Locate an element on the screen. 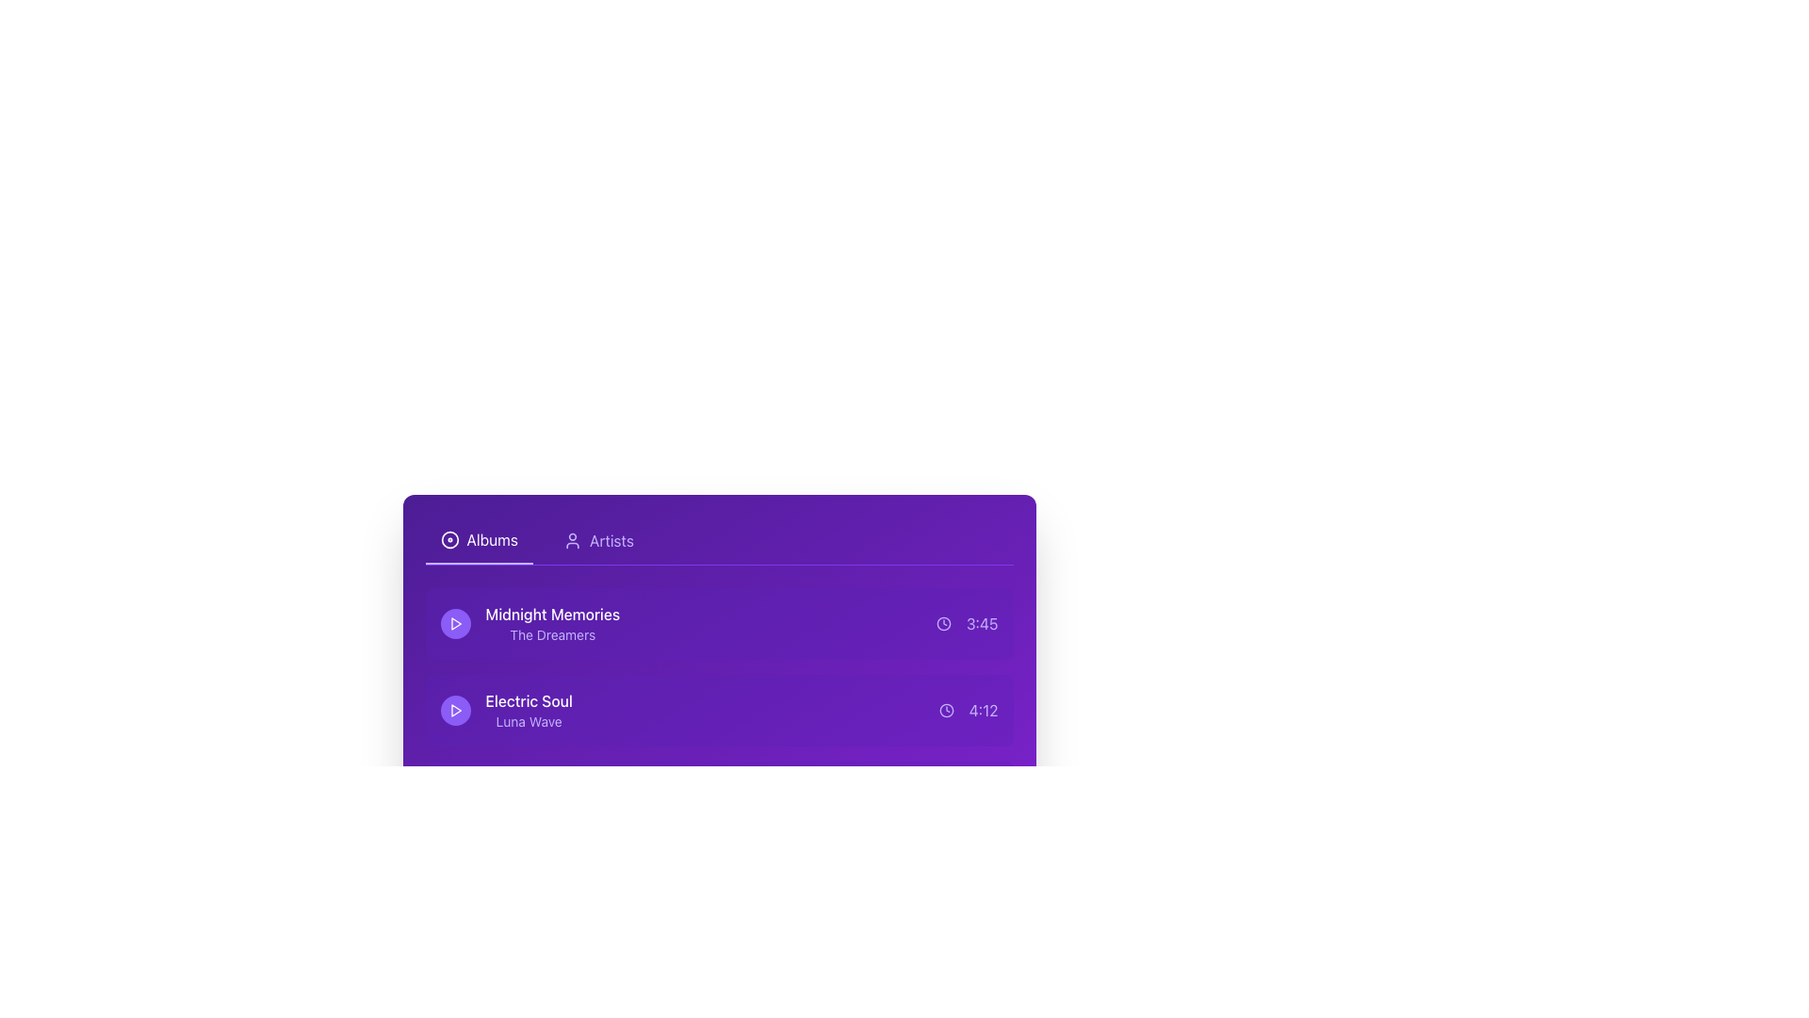 This screenshot has width=1809, height=1018. the text label providing supplementary information about 'Electric Soul', which is located in the bottom-right area of the interface, below the section header 'Albums' is located at coordinates (528, 721).